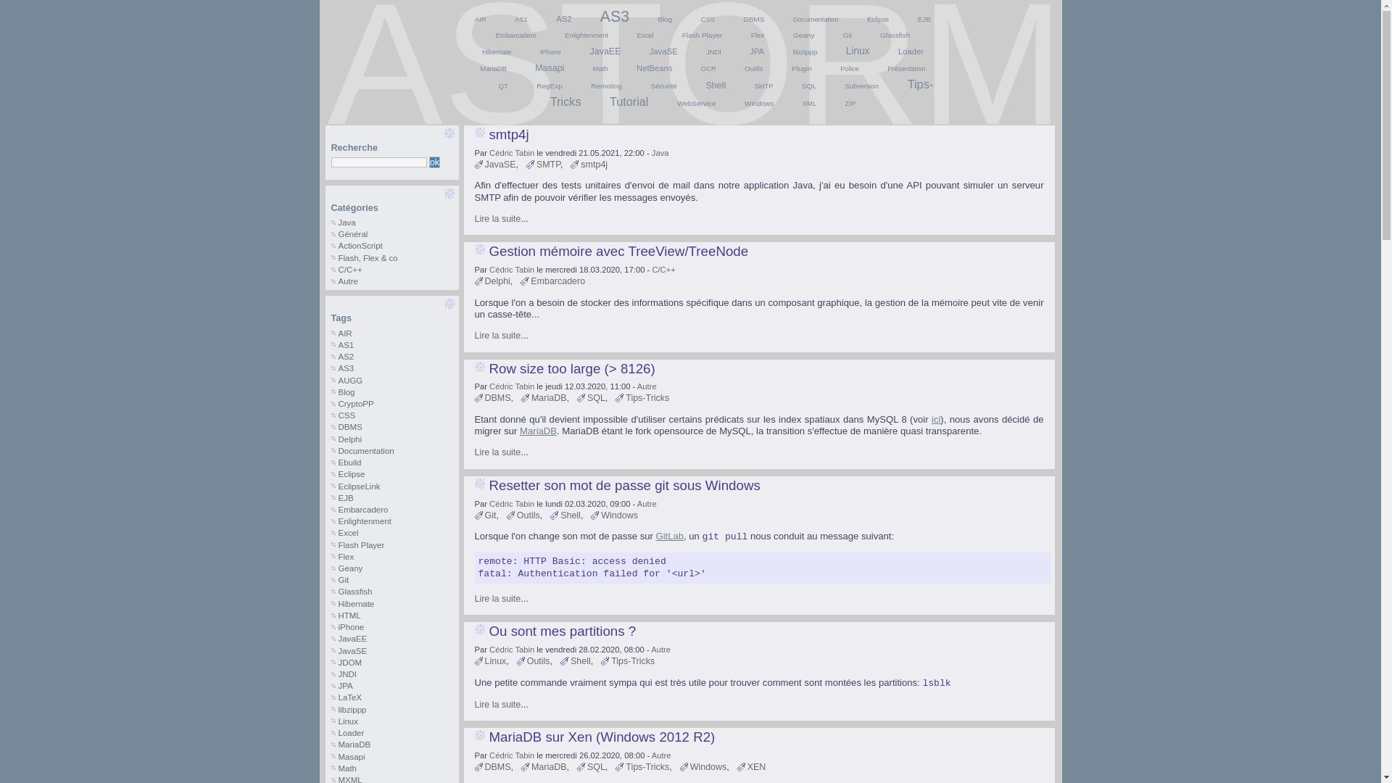 Image resolution: width=1392 pixels, height=783 pixels. I want to click on 'DBMS', so click(497, 766).